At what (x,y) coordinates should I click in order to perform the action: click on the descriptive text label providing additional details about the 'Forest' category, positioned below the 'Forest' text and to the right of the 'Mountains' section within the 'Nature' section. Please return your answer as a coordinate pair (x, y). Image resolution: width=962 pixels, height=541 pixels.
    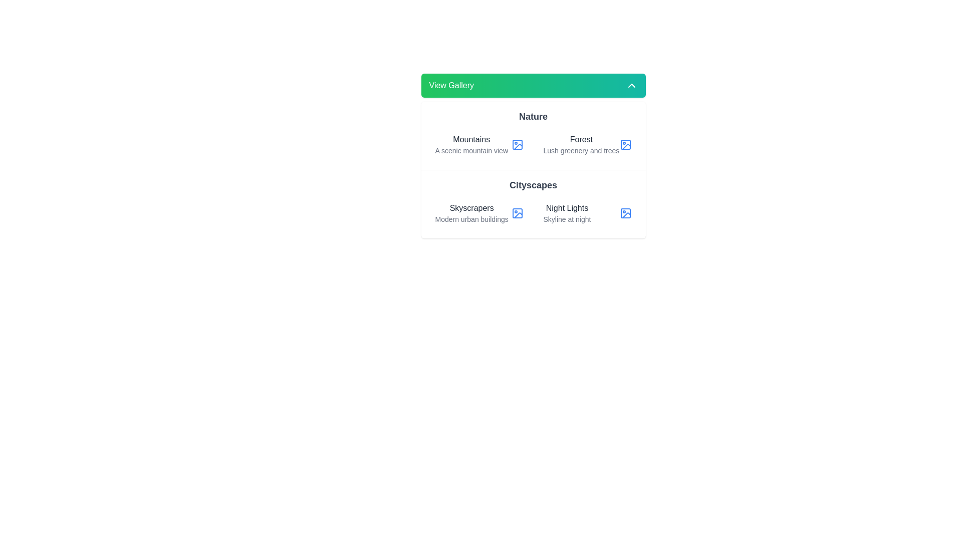
    Looking at the image, I should click on (581, 150).